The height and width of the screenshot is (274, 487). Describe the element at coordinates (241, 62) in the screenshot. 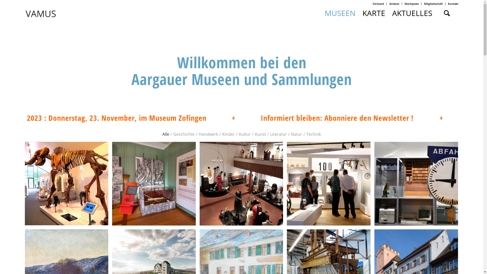

I see `'Willkommen bei den'` at that location.